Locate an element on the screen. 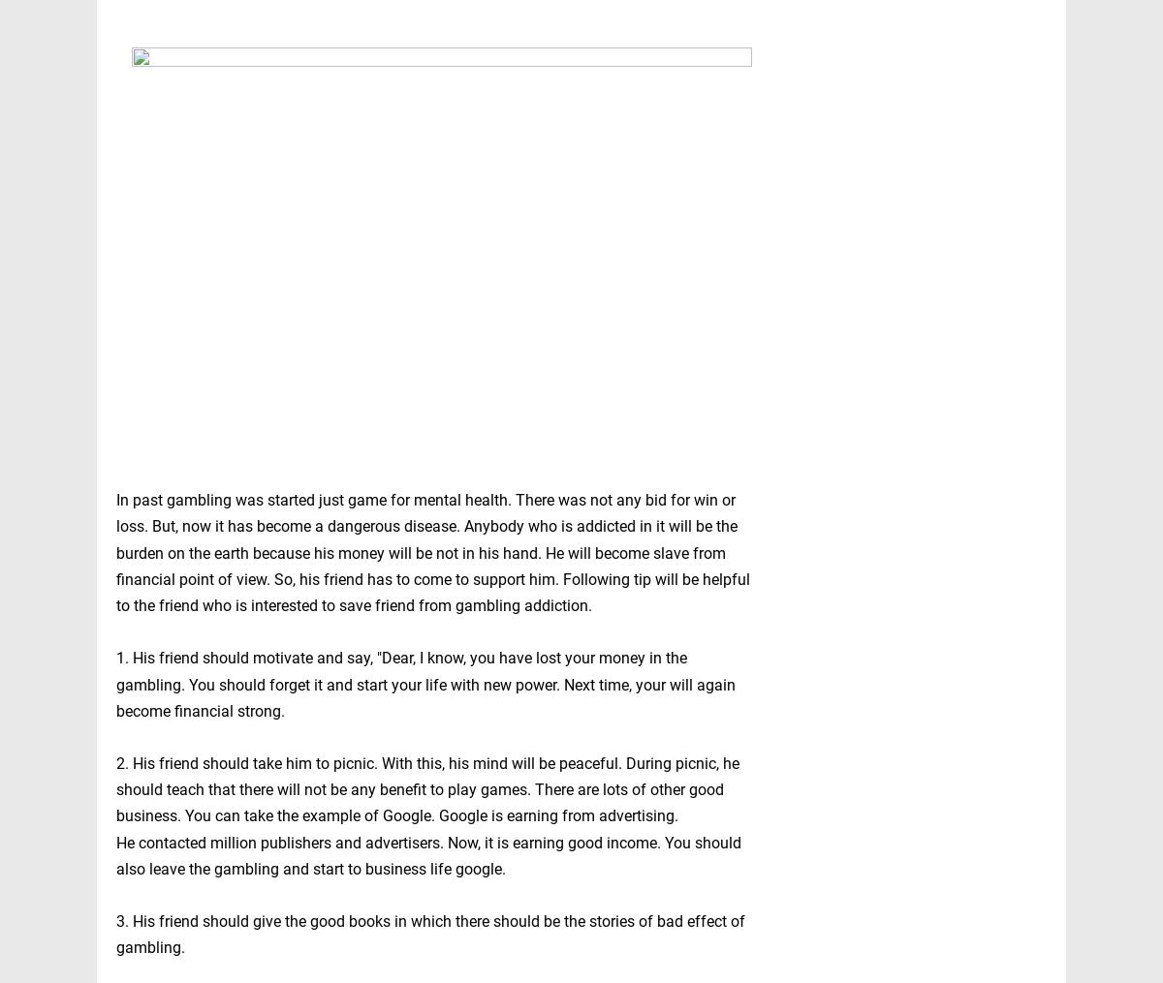 This screenshot has height=983, width=1163. 'Accounting Formats' is located at coordinates (839, 833).